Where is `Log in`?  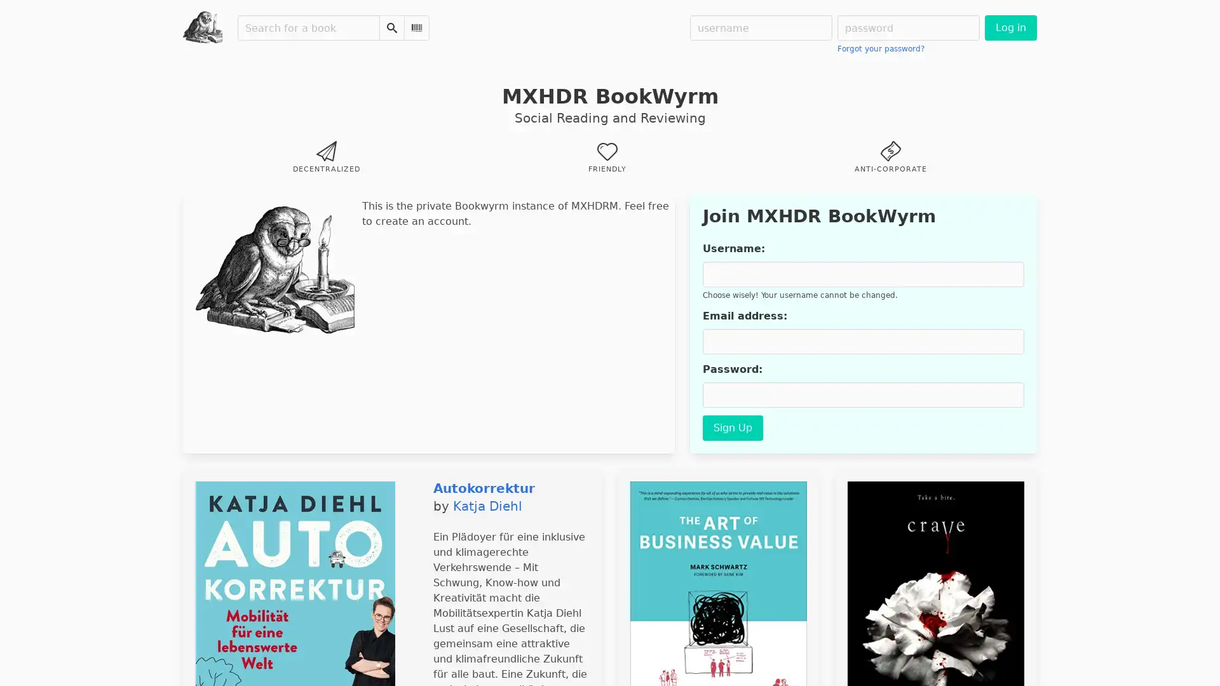
Log in is located at coordinates (1010, 27).